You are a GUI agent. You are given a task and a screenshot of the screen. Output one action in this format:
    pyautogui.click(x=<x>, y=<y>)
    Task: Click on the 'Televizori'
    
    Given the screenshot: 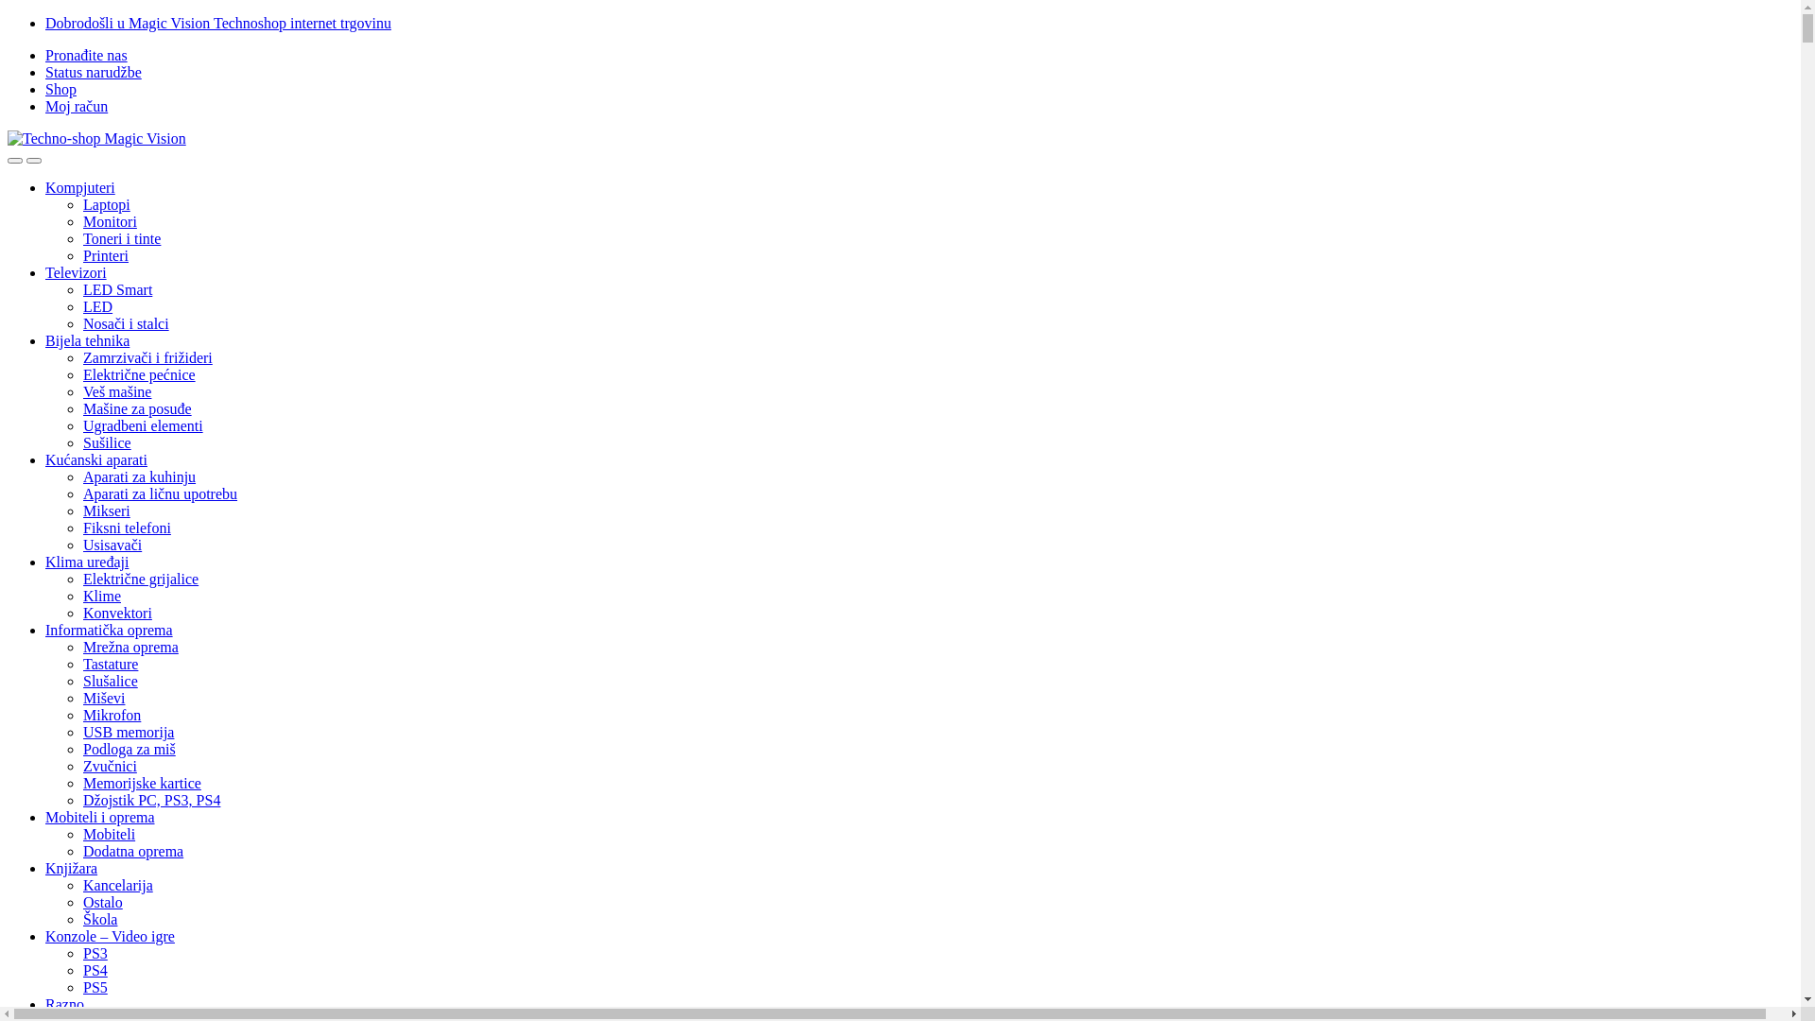 What is the action you would take?
    pyautogui.click(x=76, y=272)
    